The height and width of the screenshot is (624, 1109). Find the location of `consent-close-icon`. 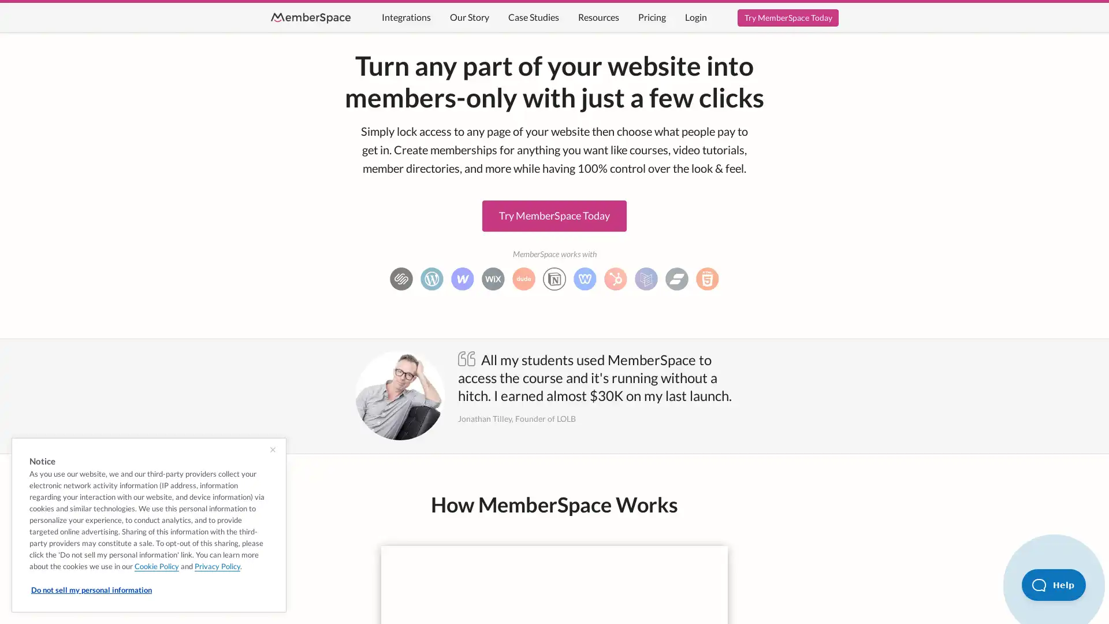

consent-close-icon is located at coordinates (272, 450).